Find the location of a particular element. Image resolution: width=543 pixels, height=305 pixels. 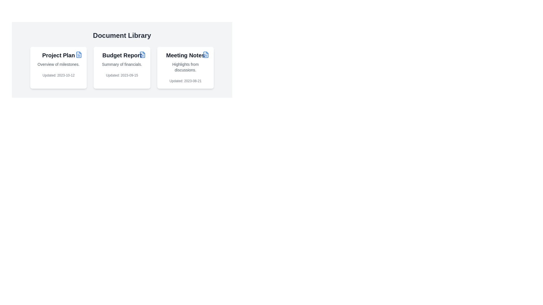

contents of the Card displaying meeting notes, which is the third item in a row of three cards in the grid layout, located in the bottom-right corner of the grid's content is located at coordinates (185, 67).